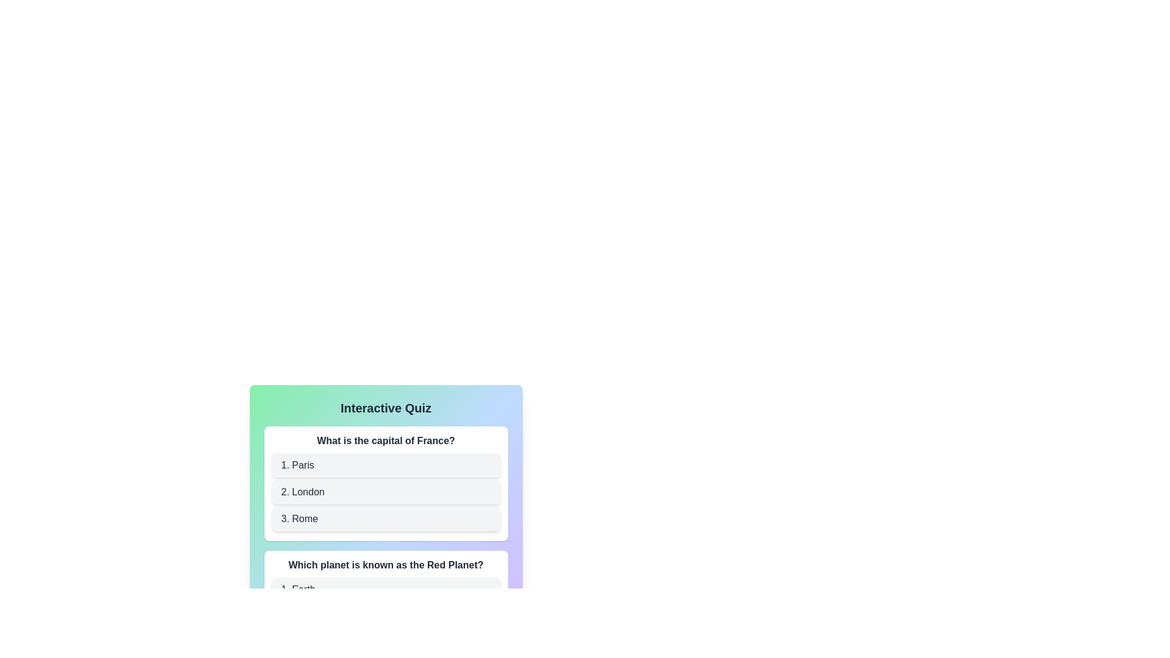 The width and height of the screenshot is (1170, 658). I want to click on the text label that displays the question 'Which planet is known as the Red Planet?' located at the top of the quiz card interface, so click(385, 565).